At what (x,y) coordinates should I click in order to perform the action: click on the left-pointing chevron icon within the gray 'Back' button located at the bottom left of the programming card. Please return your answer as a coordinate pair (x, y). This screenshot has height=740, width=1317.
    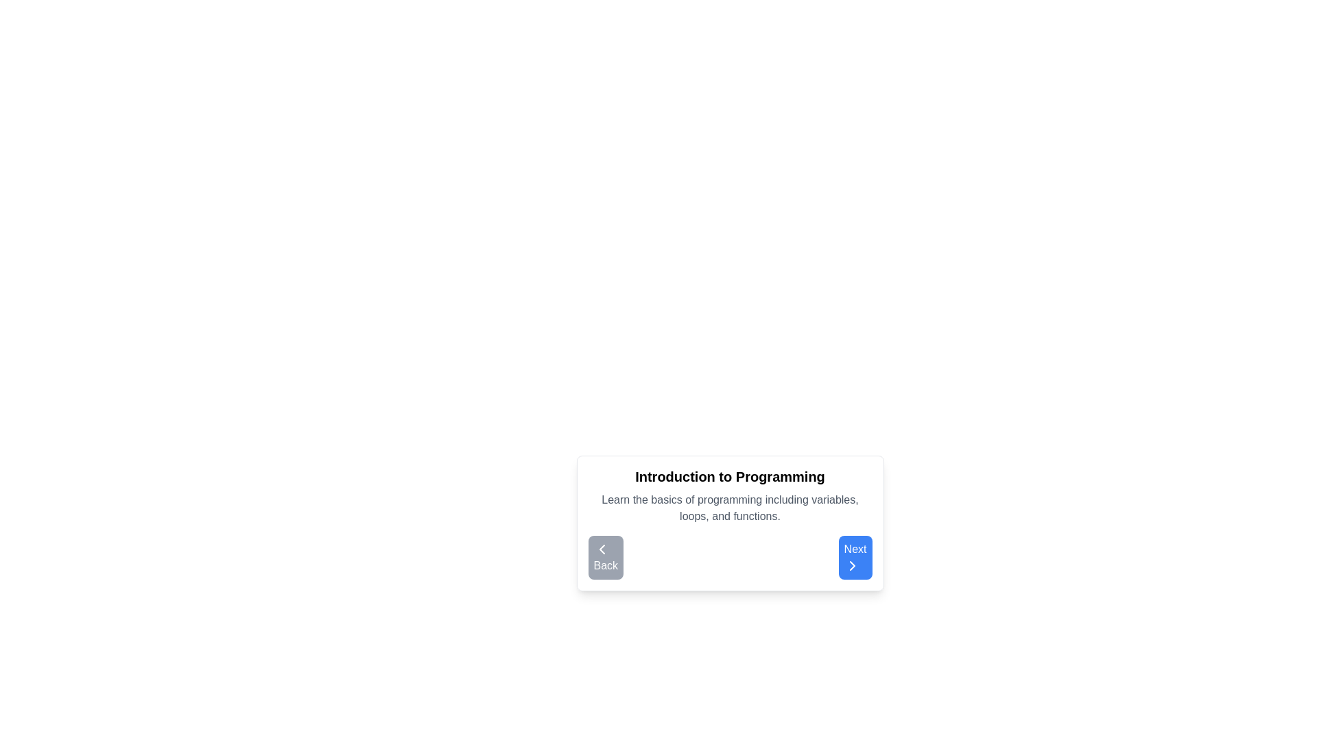
    Looking at the image, I should click on (602, 549).